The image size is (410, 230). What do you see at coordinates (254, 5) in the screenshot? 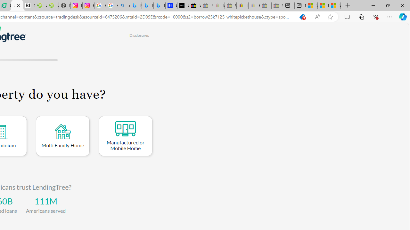
I see `'Payments Terms of Use | eBay.com - Sleeping'` at bounding box center [254, 5].